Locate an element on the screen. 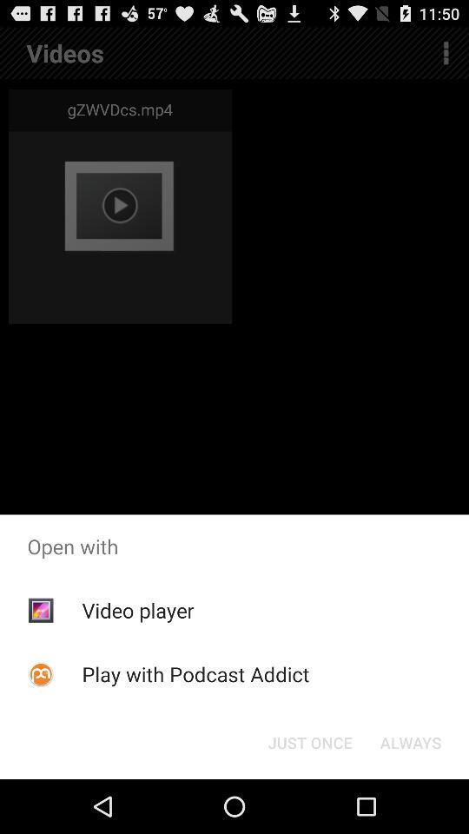 This screenshot has width=469, height=834. button next to the always icon is located at coordinates (309, 741).